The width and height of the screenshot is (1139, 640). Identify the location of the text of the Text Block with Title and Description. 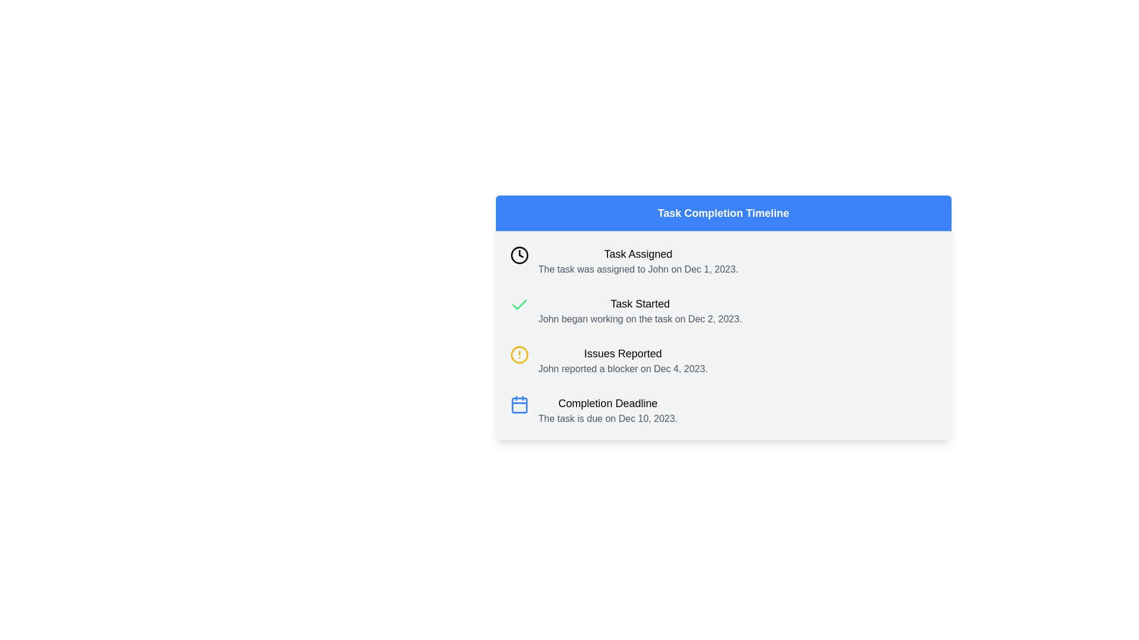
(640, 310).